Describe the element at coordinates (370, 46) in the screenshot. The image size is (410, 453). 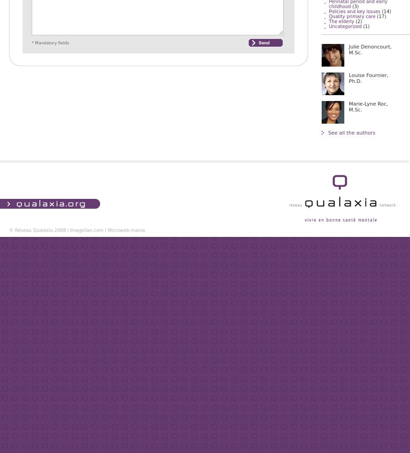
I see `'Julie Denoncourt,'` at that location.